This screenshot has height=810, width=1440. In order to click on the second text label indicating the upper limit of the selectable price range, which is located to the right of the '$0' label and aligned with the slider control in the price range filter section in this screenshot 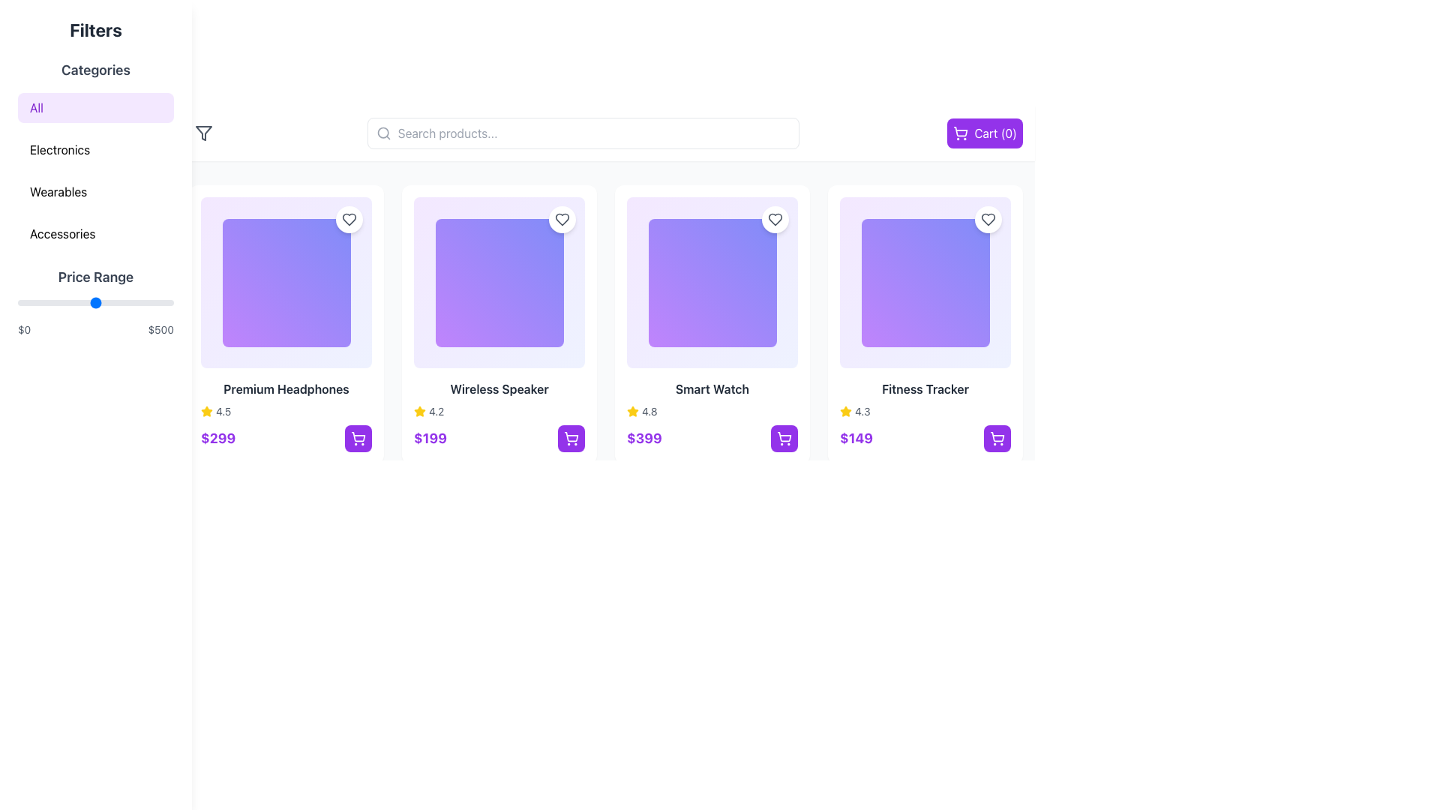, I will do `click(160, 328)`.